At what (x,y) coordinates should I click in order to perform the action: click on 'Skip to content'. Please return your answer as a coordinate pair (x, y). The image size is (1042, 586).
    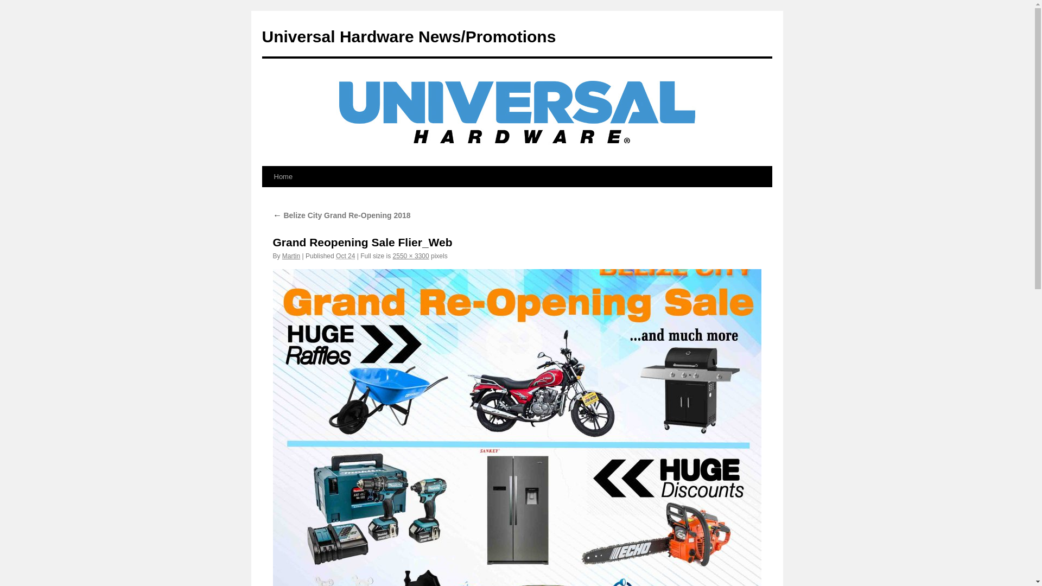
    Looking at the image, I should click on (266, 196).